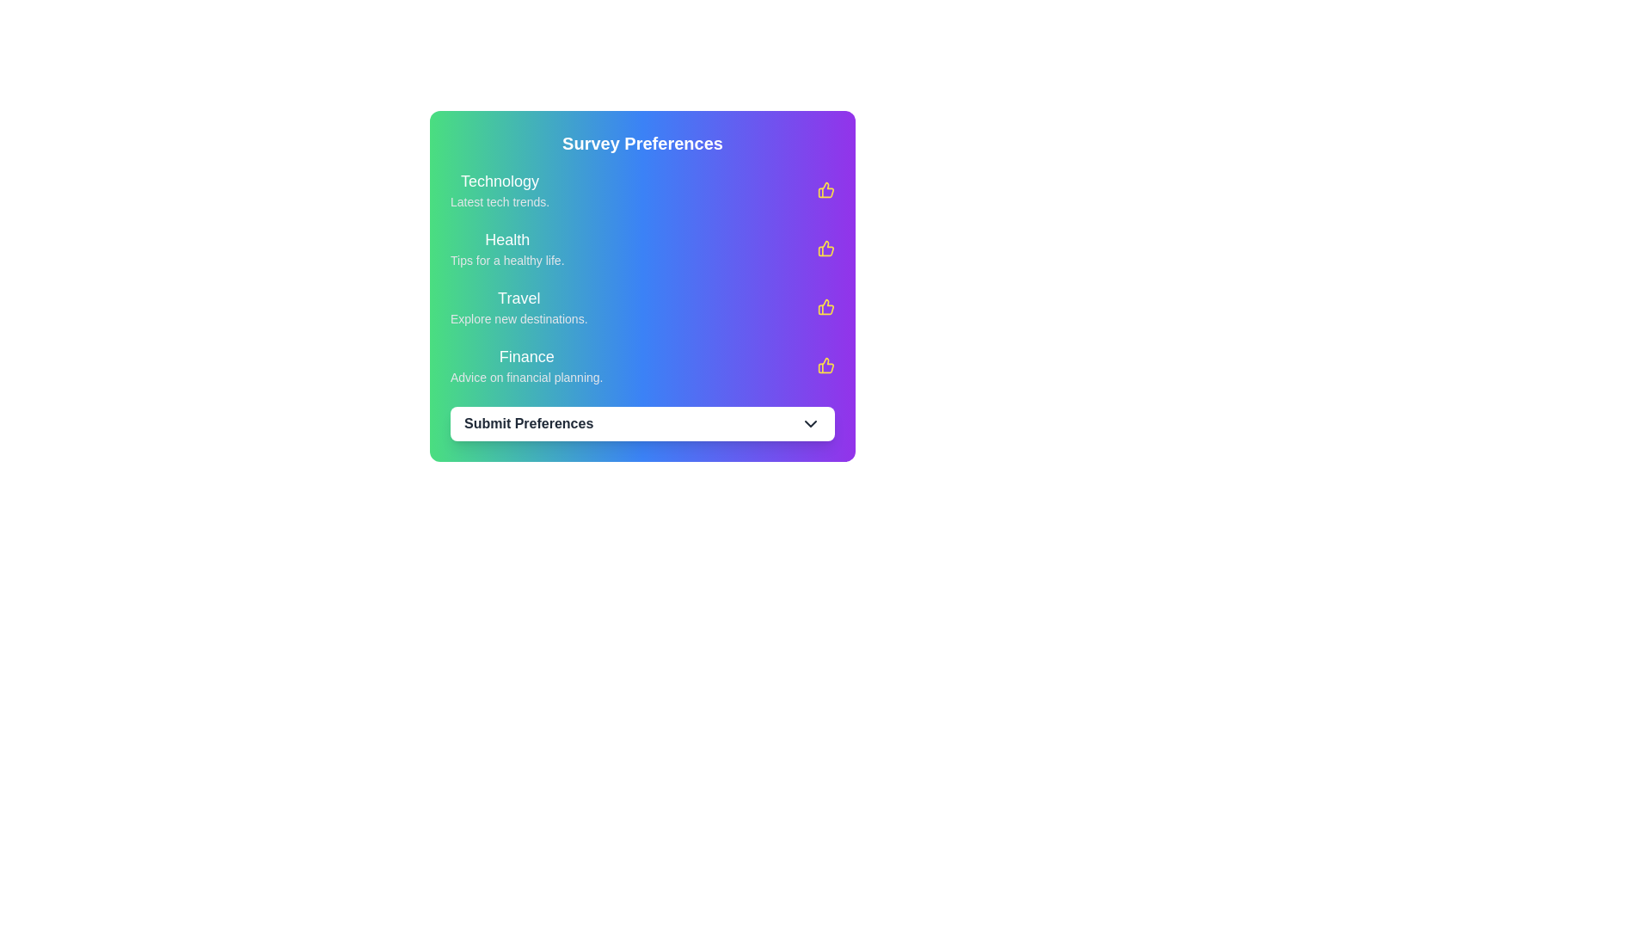  Describe the element at coordinates (525, 356) in the screenshot. I see `the 'Finance' category title text label, which is located directly above the text 'Advice on financial planning' and serves as a visual anchor for associated content` at that location.